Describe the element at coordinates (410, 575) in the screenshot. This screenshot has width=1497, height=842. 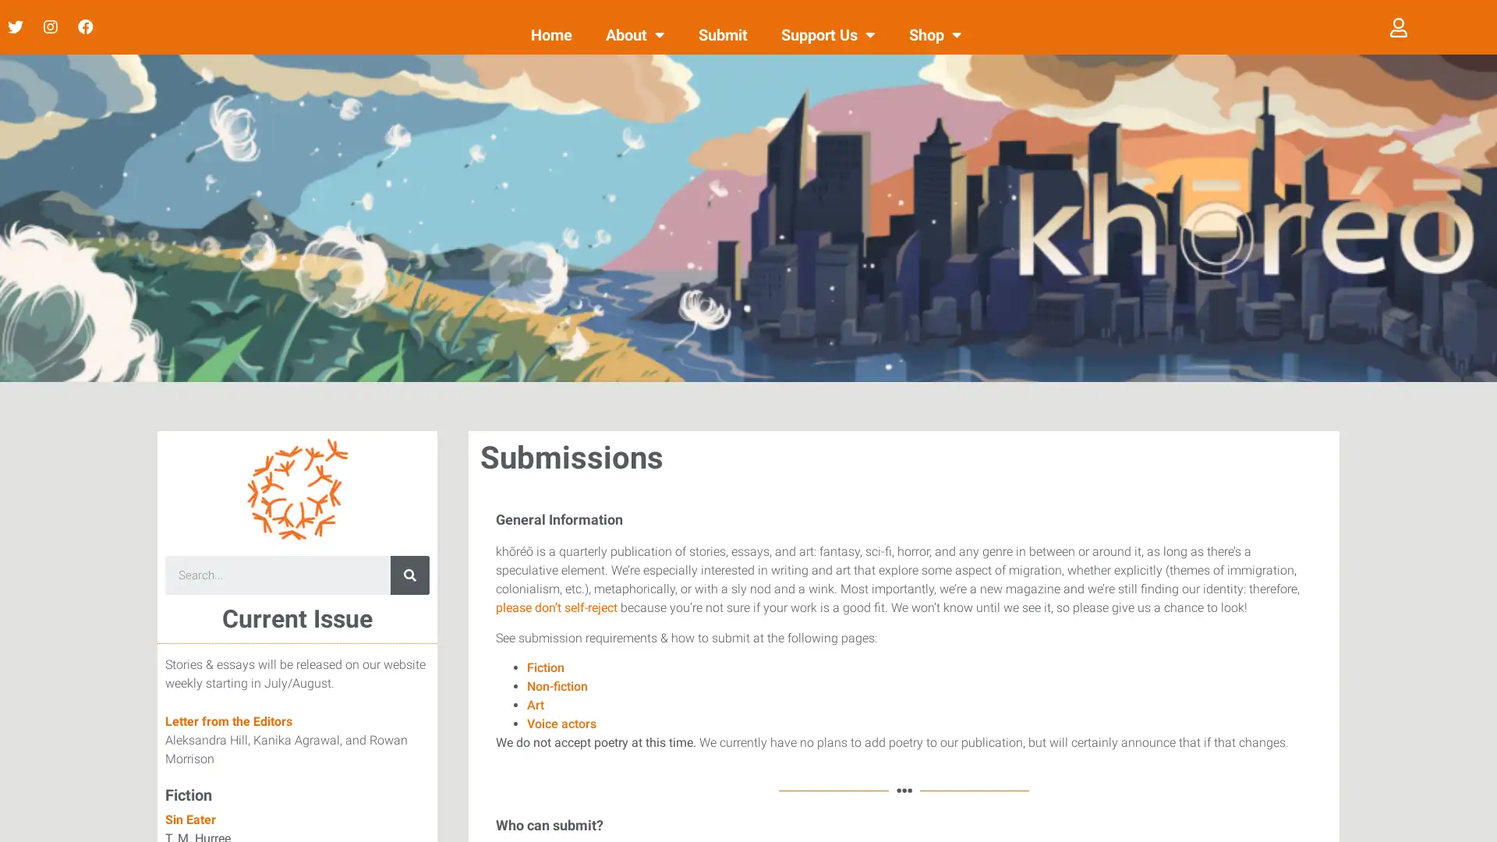
I see `Search` at that location.